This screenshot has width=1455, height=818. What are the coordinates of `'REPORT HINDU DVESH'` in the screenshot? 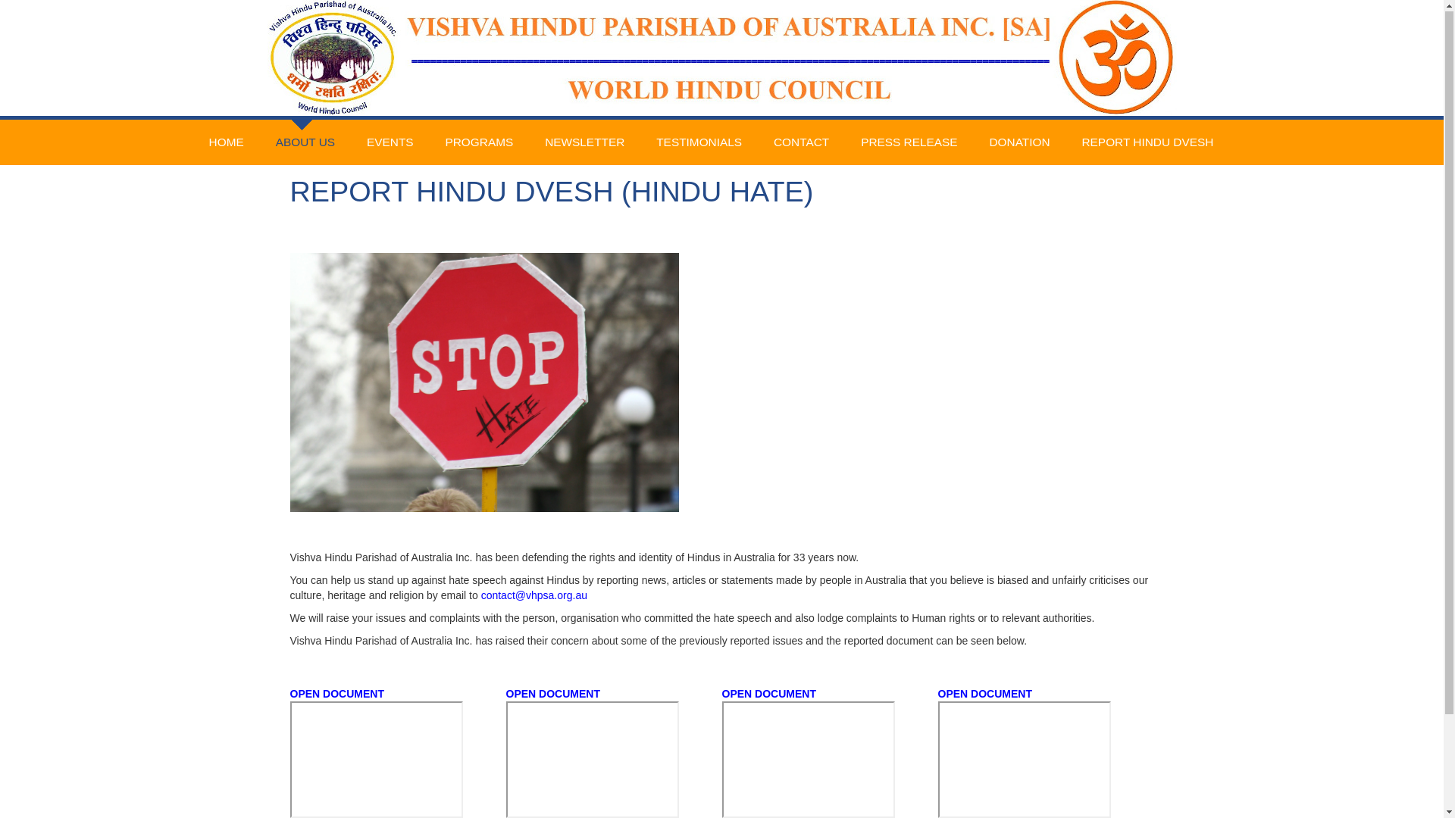 It's located at (1147, 143).